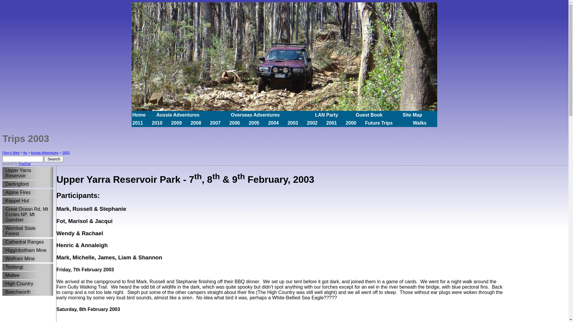 This screenshot has width=573, height=322. Describe the element at coordinates (19, 164) in the screenshot. I see `'FreeFind'` at that location.